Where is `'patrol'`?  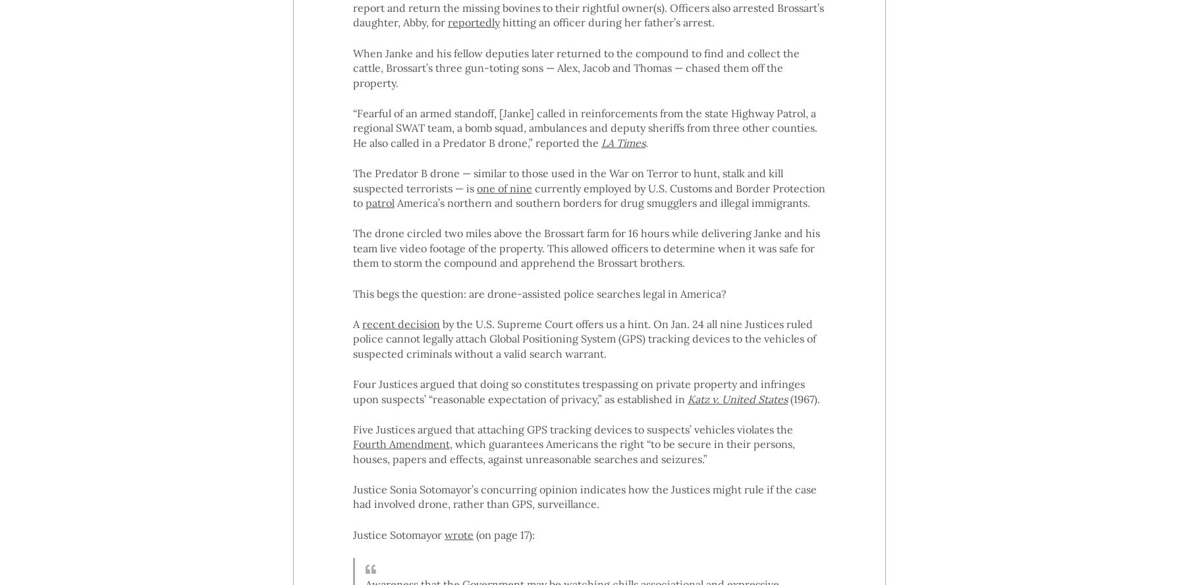 'patrol' is located at coordinates (379, 201).